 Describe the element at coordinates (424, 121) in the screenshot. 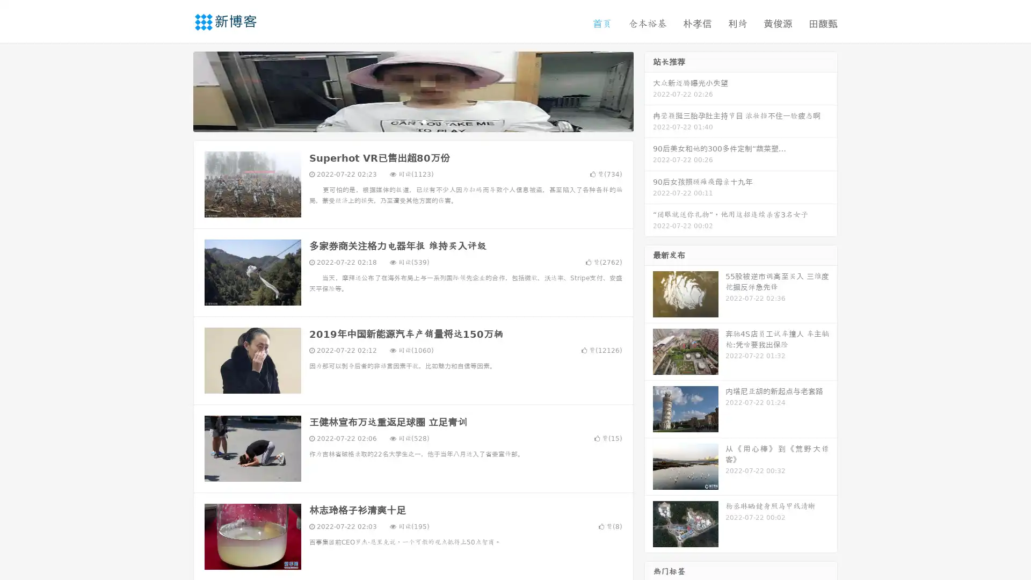

I see `Go to slide 3` at that location.